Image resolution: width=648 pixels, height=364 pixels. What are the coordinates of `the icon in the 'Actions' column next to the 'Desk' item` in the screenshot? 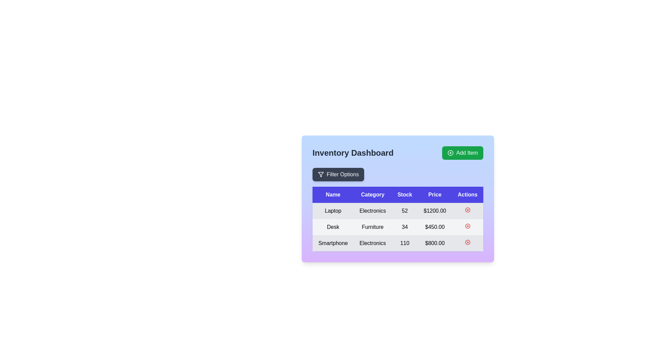 It's located at (467, 227).